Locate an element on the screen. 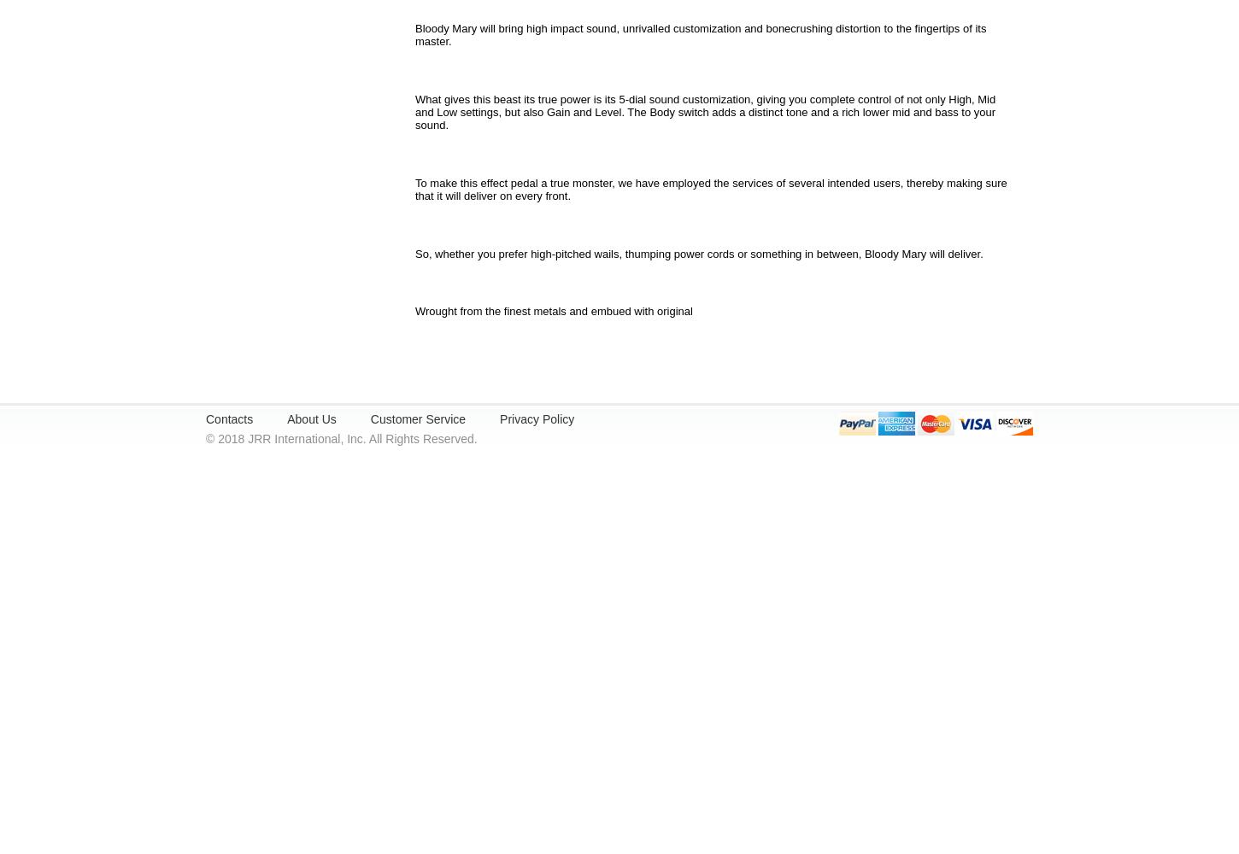  'Privacy Policy' is located at coordinates (536, 418).